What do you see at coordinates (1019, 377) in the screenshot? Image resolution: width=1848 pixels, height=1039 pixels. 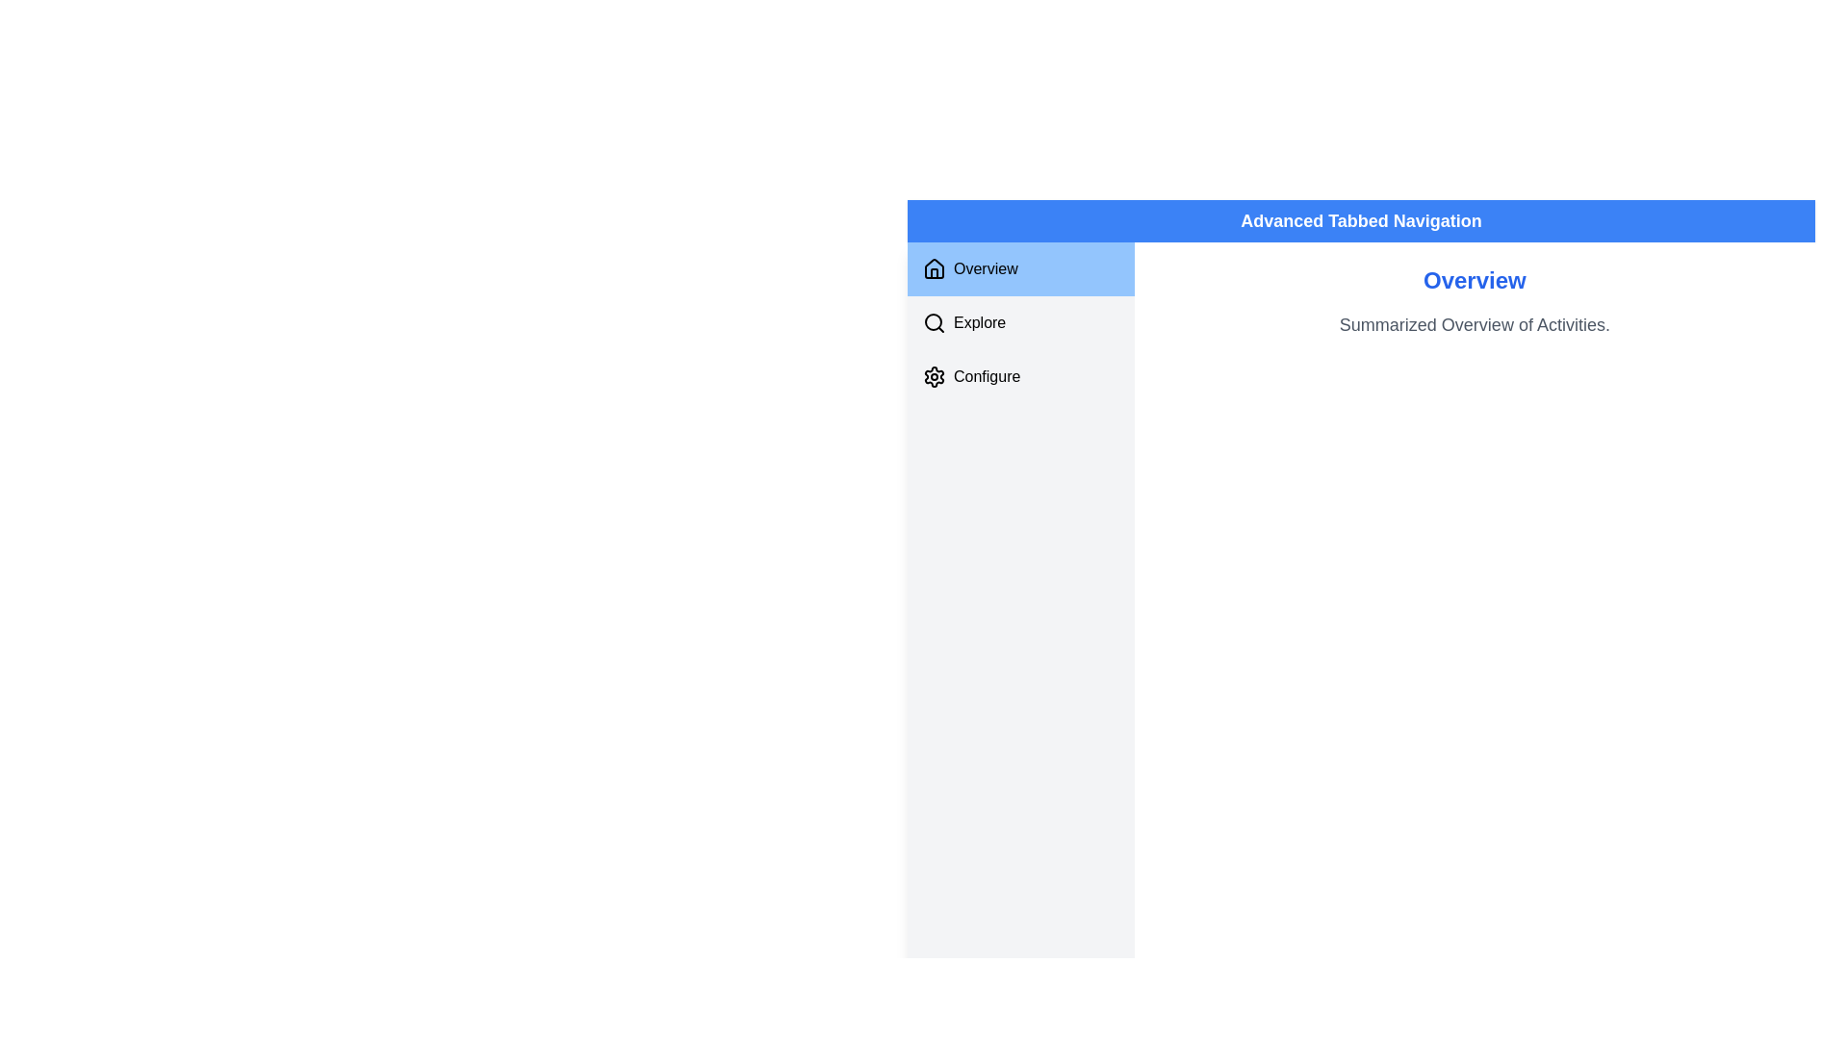 I see `the configuration settings button, which is the third option in the vertical list of menu items located in the sidebar under 'Explore'` at bounding box center [1019, 377].